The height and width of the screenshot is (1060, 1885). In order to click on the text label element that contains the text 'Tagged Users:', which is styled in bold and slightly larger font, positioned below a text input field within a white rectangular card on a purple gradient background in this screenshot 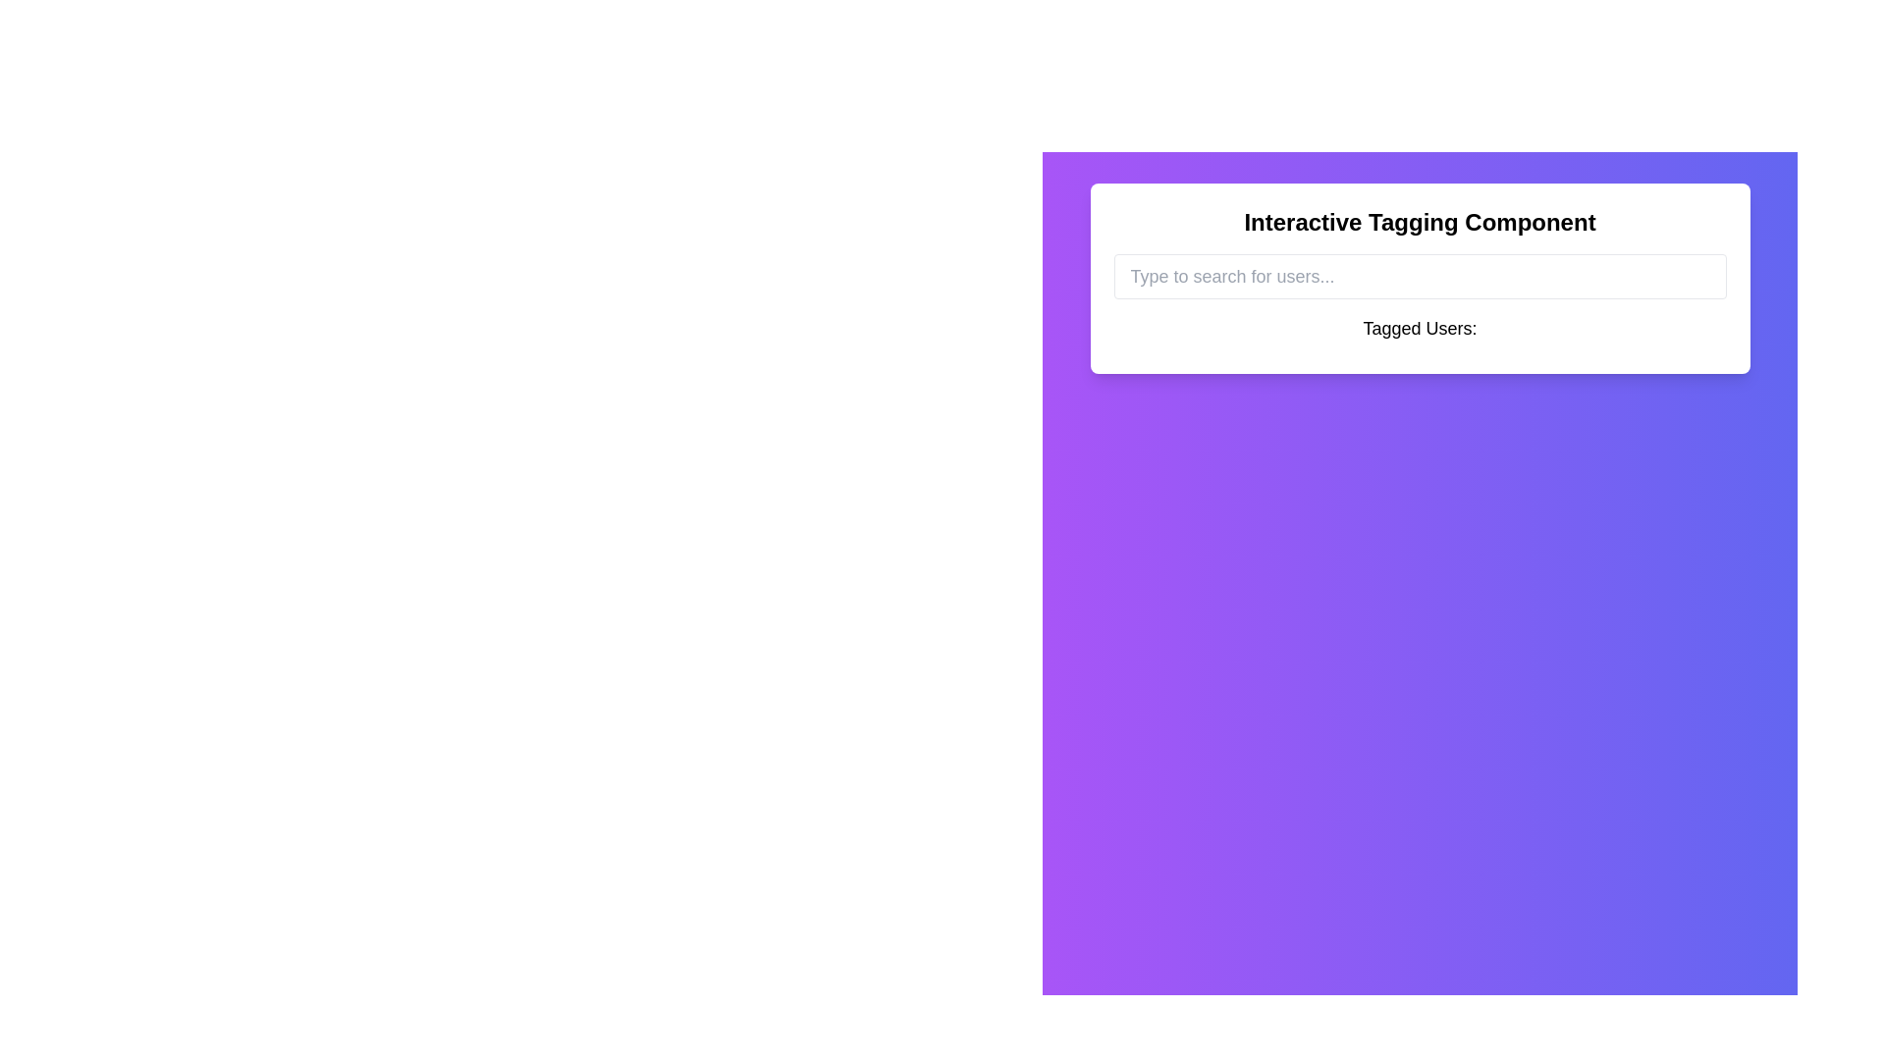, I will do `click(1420, 332)`.